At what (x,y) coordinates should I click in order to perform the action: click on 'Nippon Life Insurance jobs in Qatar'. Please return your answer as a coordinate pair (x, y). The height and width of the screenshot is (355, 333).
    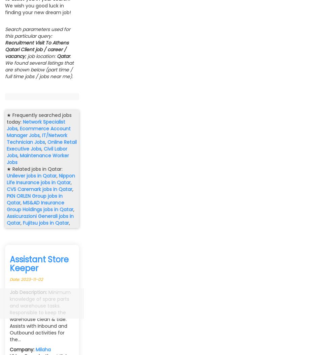
    Looking at the image, I should click on (40, 179).